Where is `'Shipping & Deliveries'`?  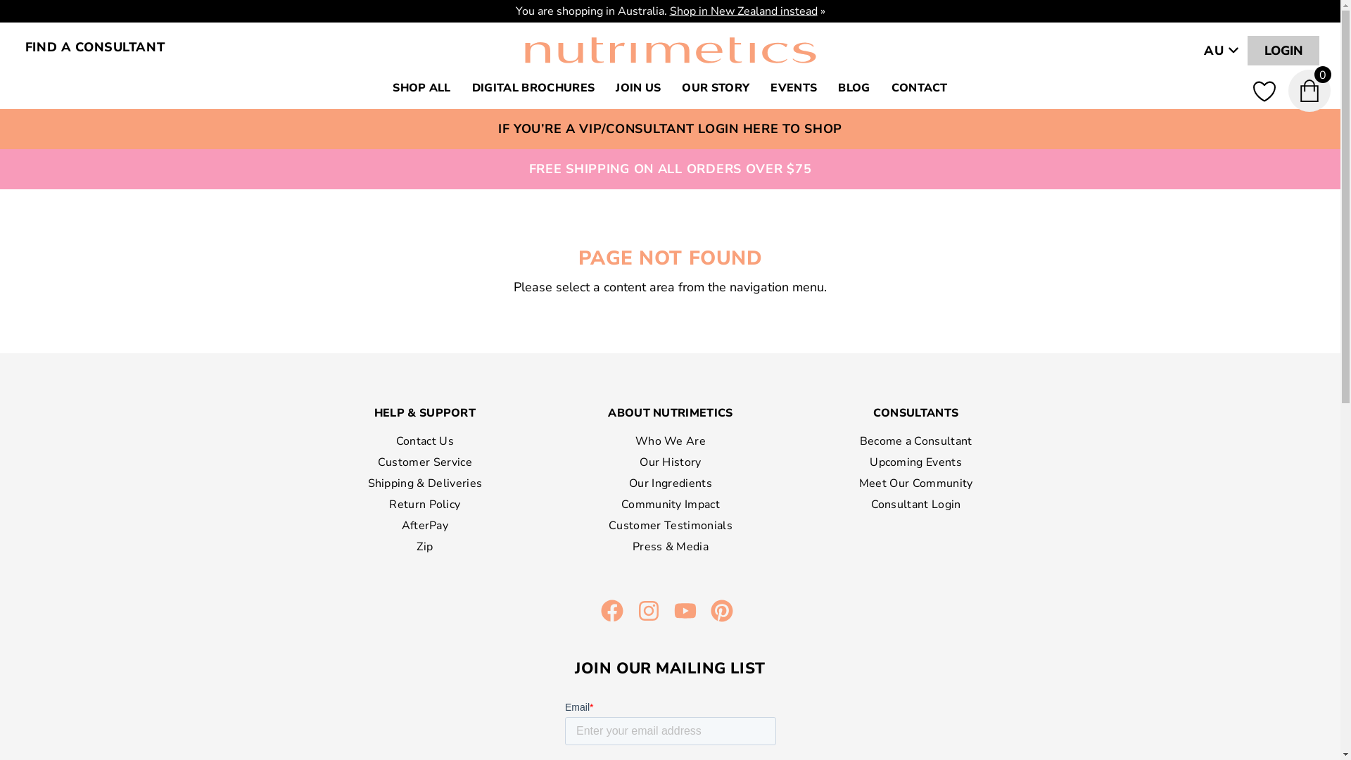
'Shipping & Deliveries' is located at coordinates (353, 482).